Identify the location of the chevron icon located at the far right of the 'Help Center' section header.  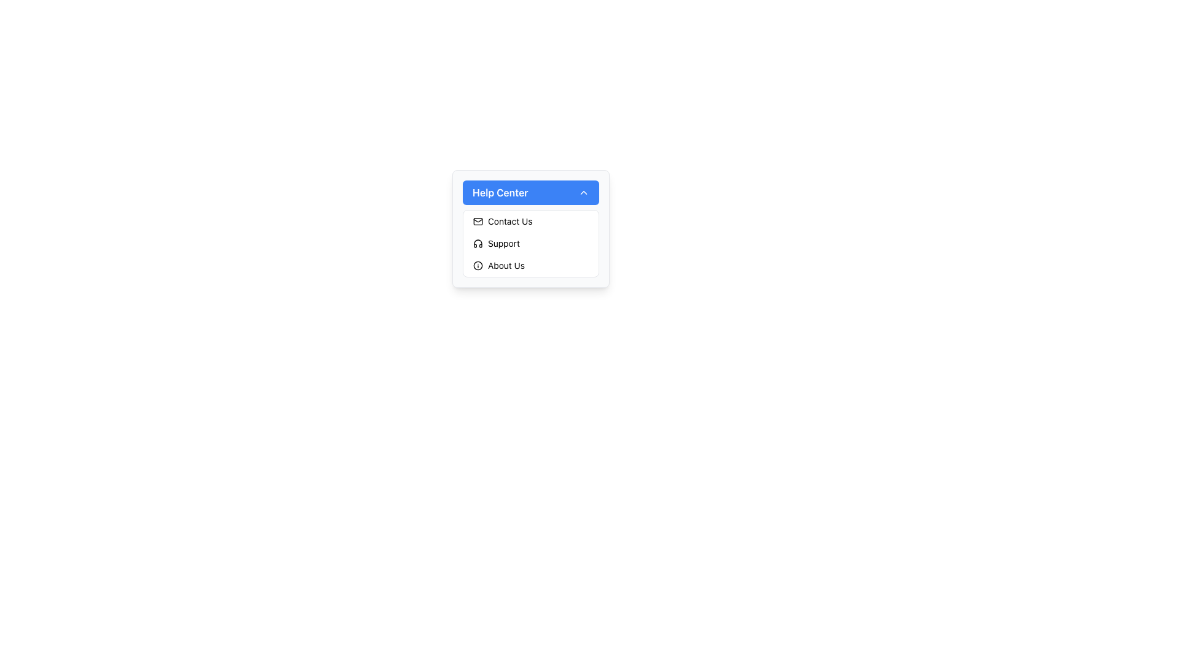
(583, 192).